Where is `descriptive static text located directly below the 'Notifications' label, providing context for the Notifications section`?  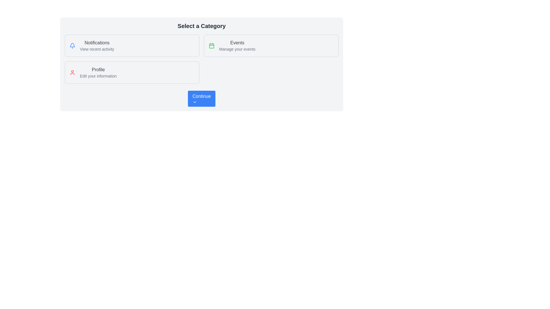
descriptive static text located directly below the 'Notifications' label, providing context for the Notifications section is located at coordinates (97, 49).